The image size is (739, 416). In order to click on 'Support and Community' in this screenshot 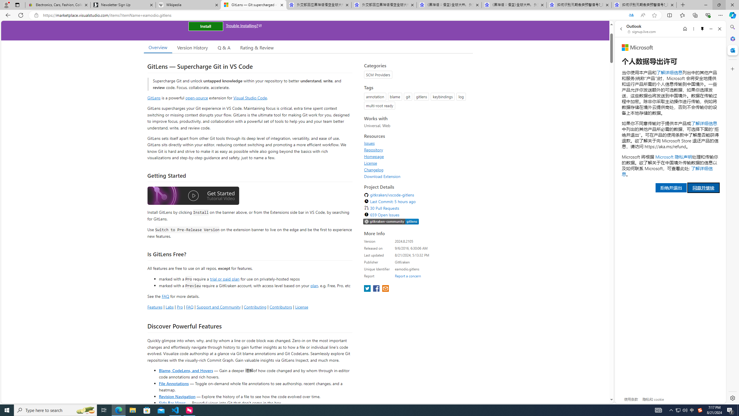, I will do `click(219, 307)`.